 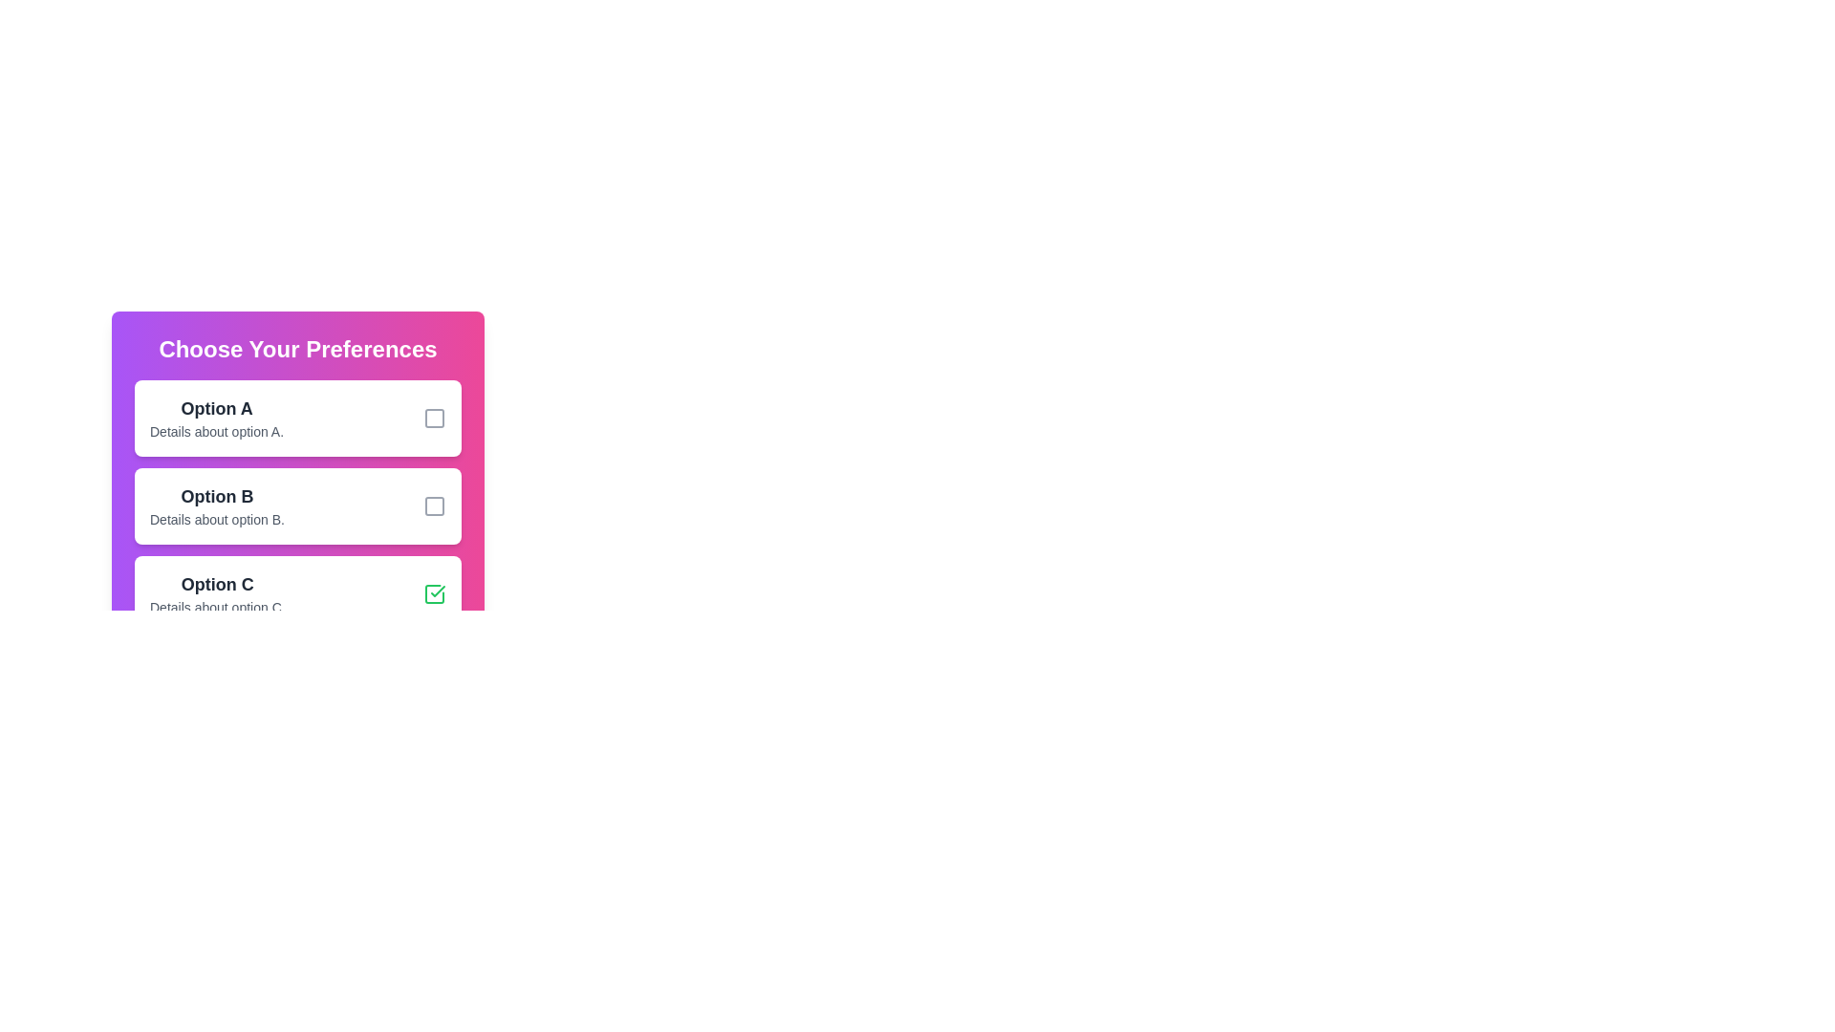 What do you see at coordinates (434, 418) in the screenshot?
I see `the interactive checkbox for 'Option A' to provide visual feedback` at bounding box center [434, 418].